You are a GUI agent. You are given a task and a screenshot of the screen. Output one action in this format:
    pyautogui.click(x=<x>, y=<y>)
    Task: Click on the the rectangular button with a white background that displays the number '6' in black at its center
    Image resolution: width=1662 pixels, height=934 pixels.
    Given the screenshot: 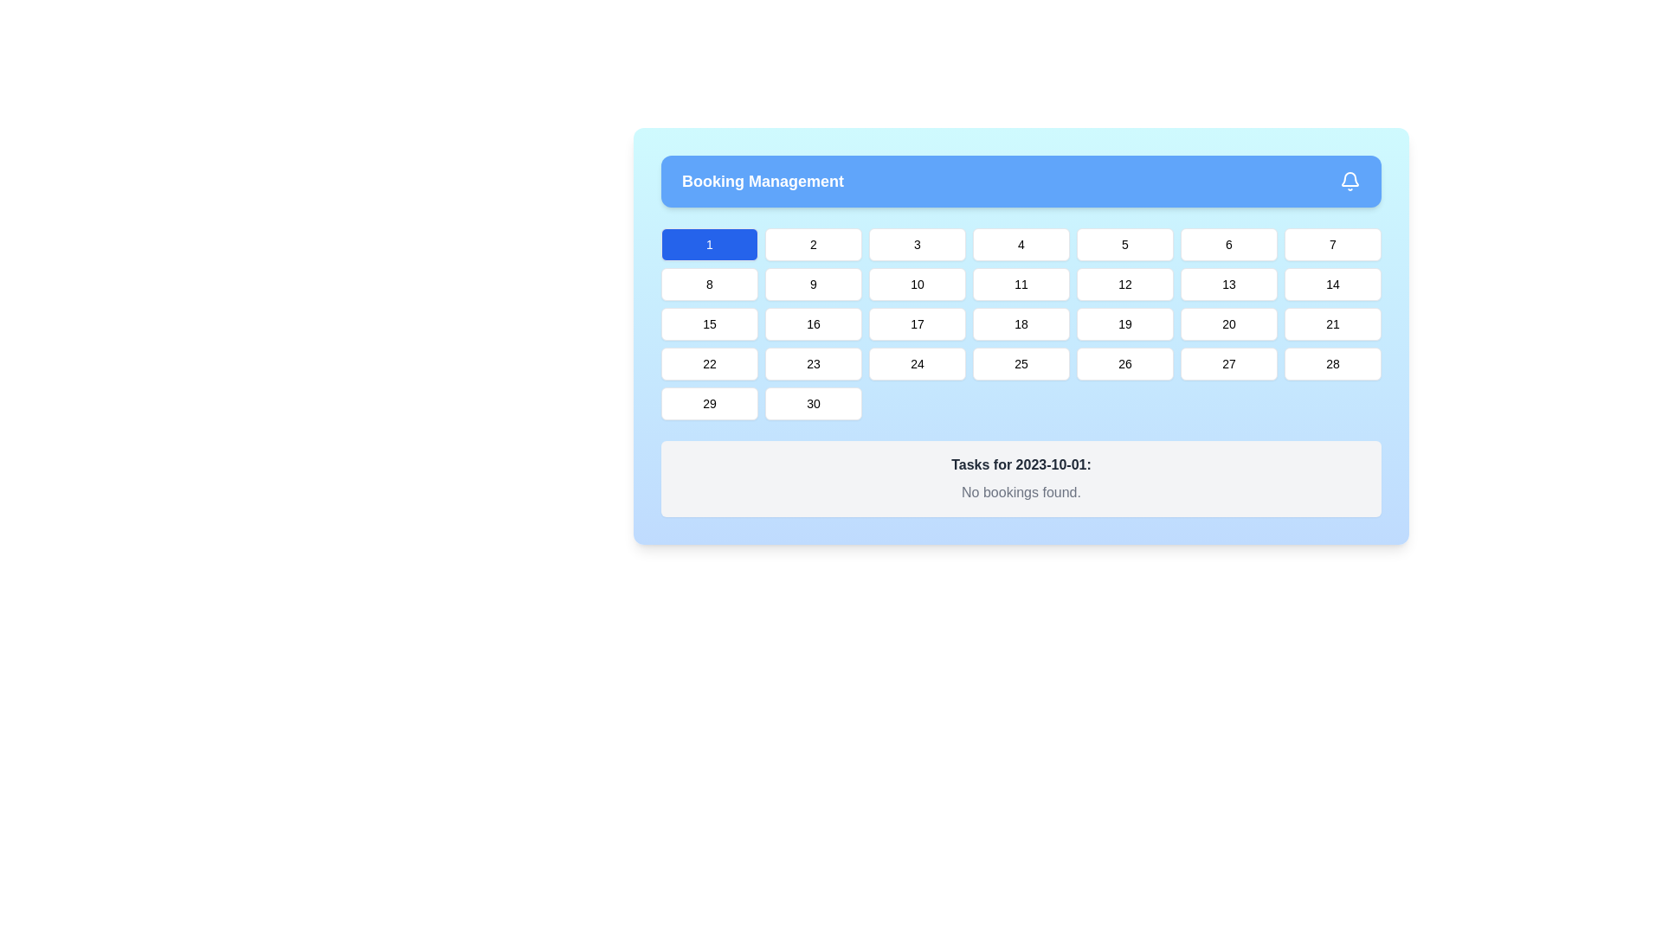 What is the action you would take?
    pyautogui.click(x=1228, y=244)
    